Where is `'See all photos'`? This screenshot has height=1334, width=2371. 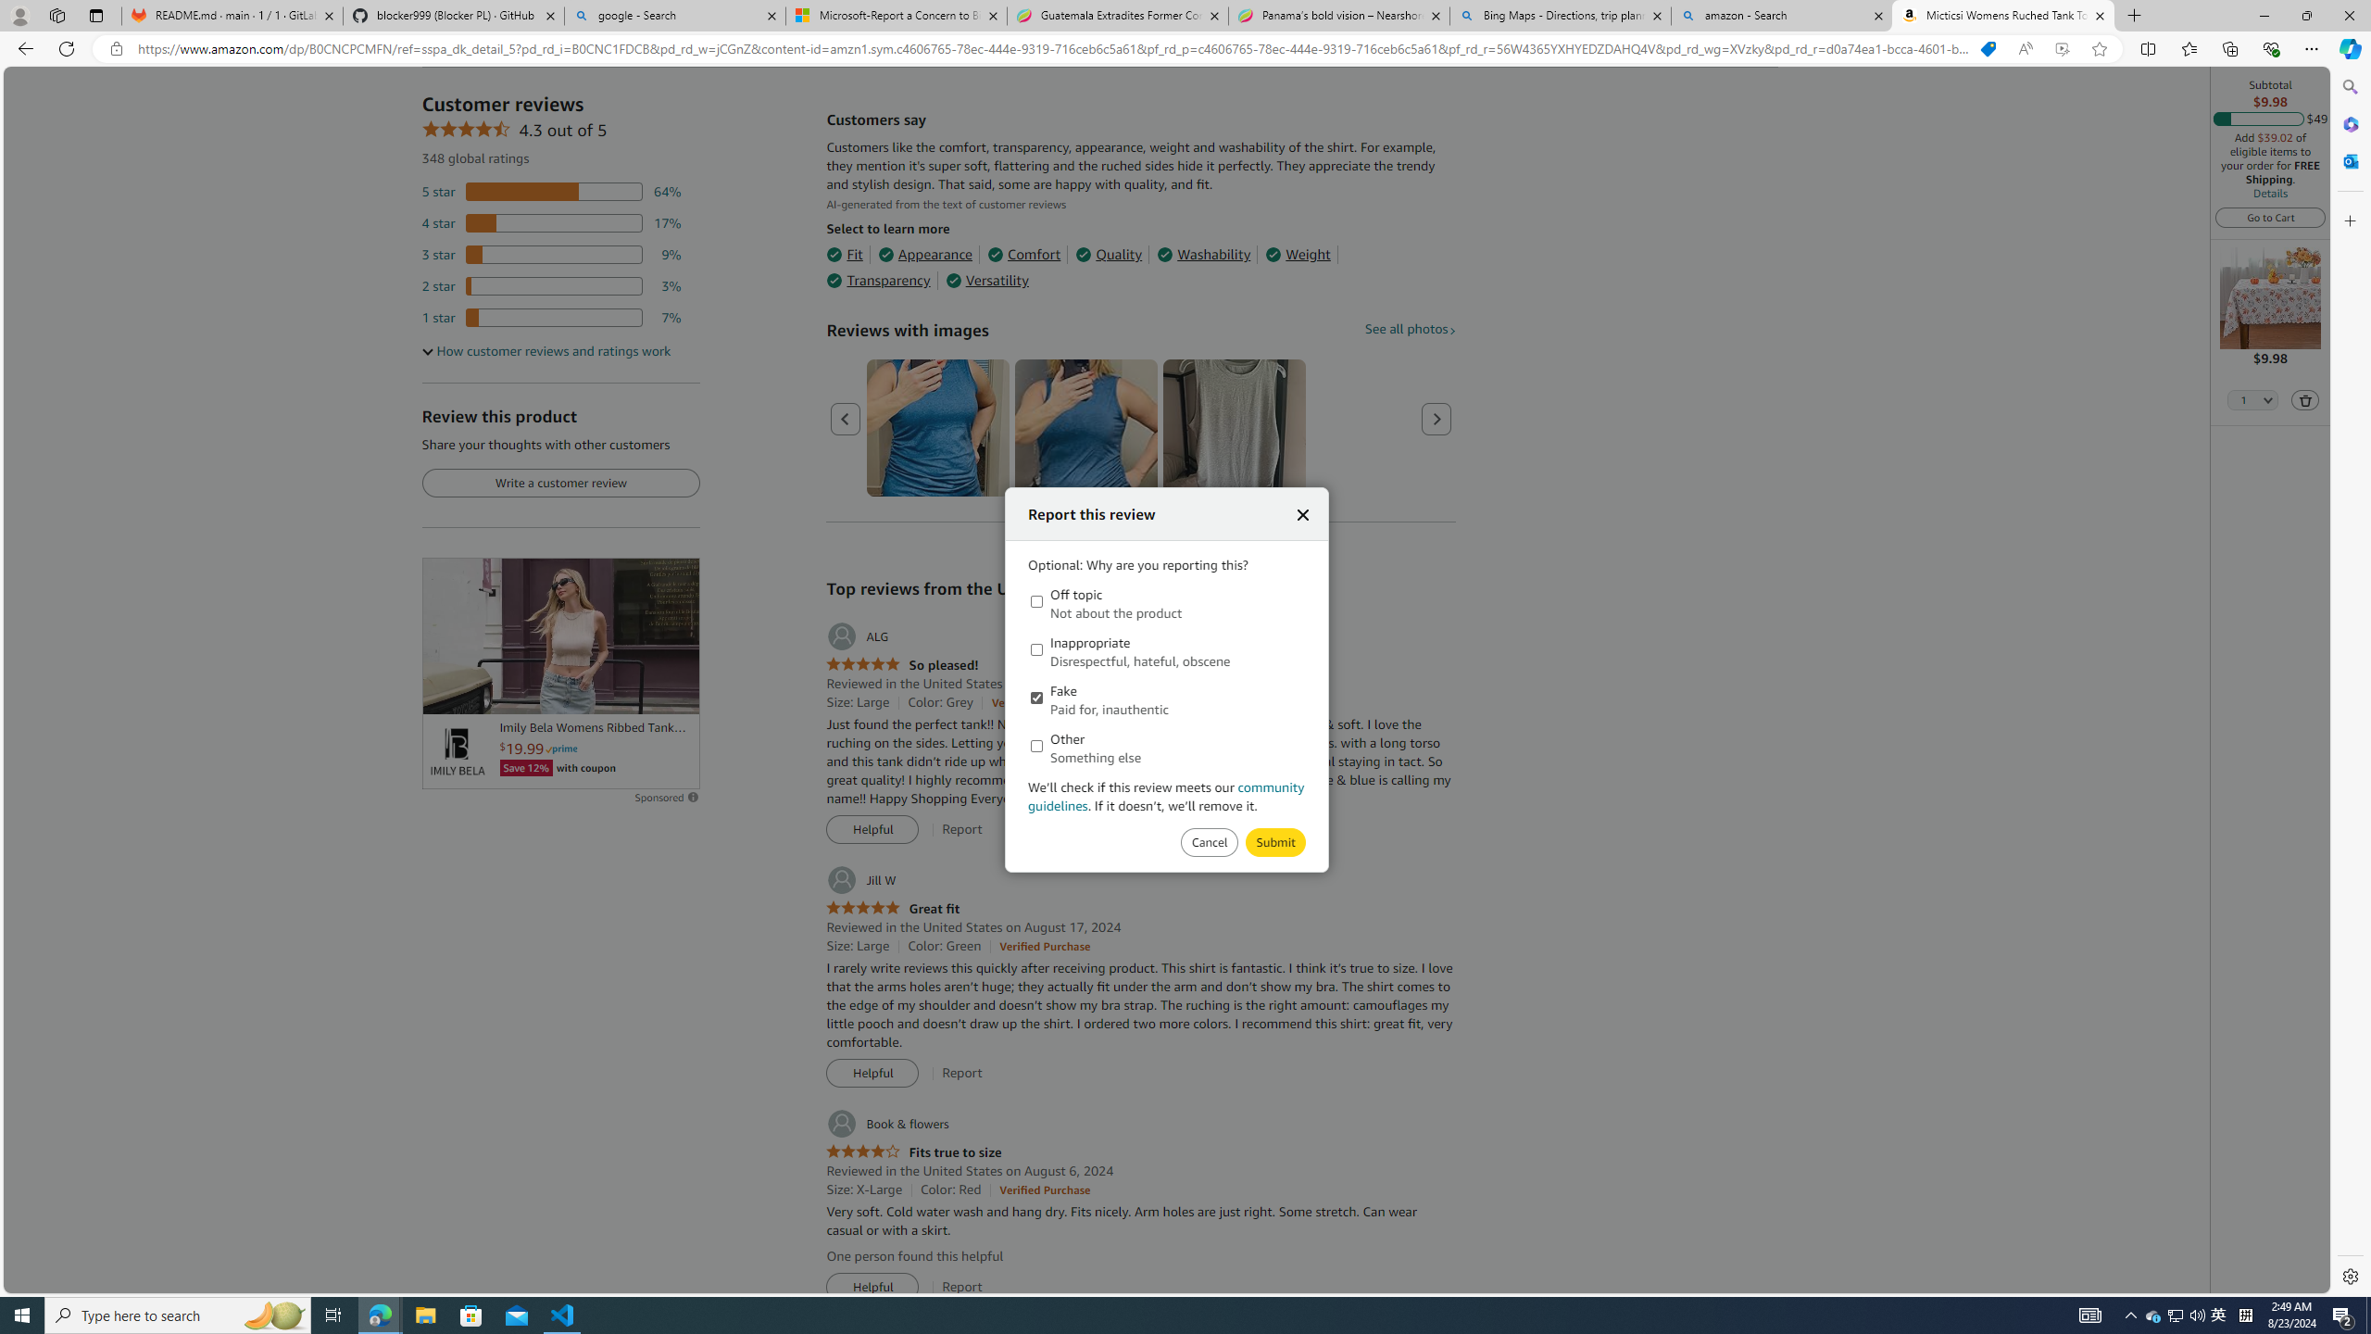
'See all photos' is located at coordinates (1408, 327).